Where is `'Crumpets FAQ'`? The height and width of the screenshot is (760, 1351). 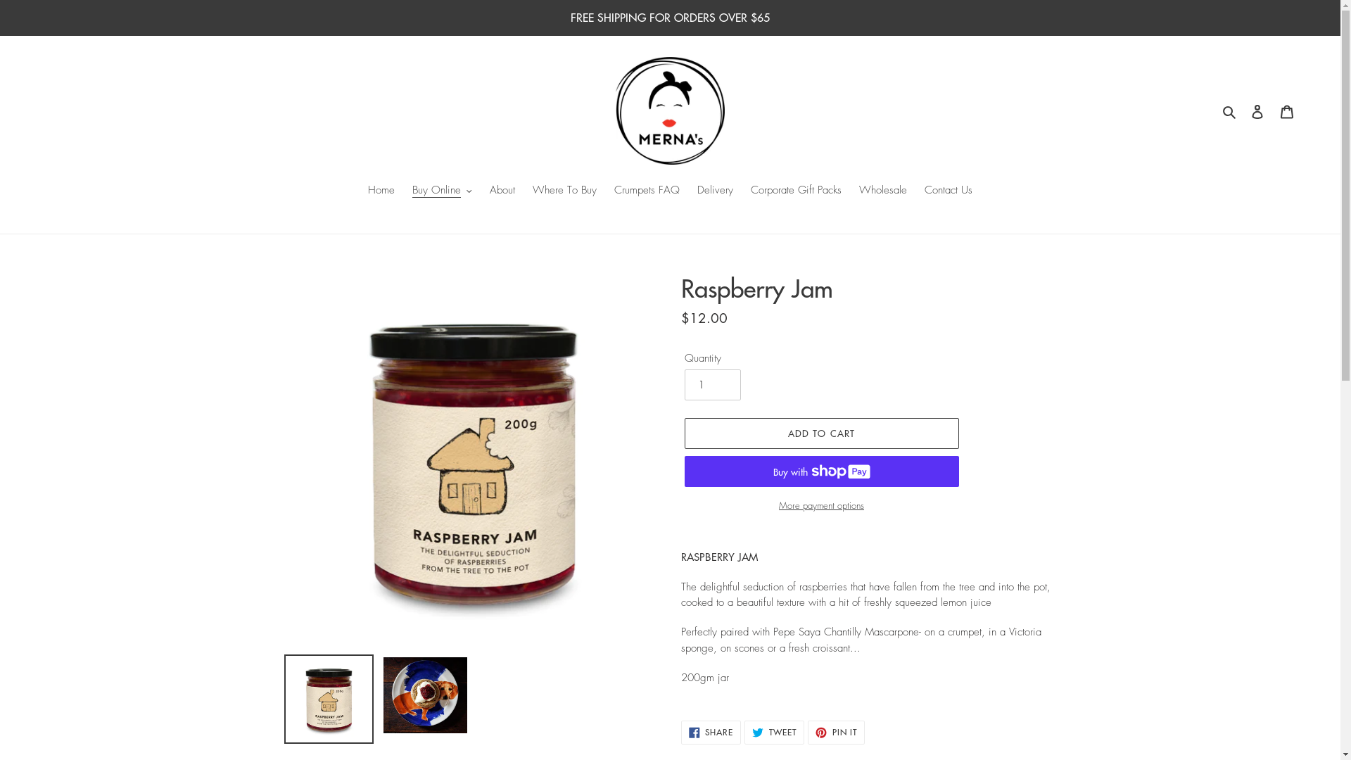 'Crumpets FAQ' is located at coordinates (646, 191).